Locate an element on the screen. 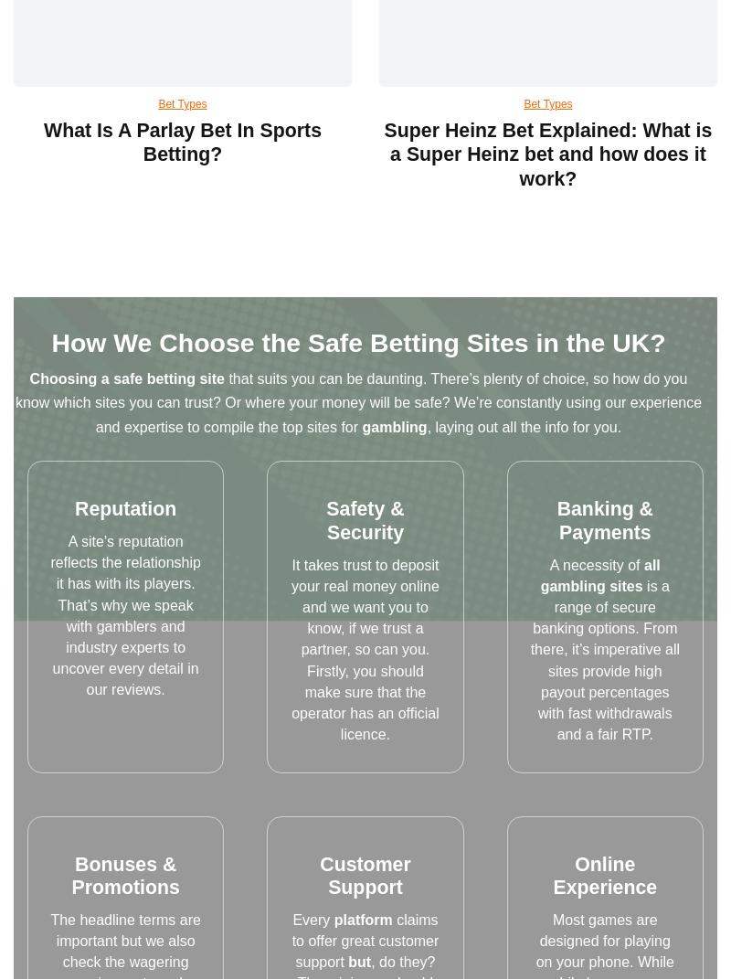  'What Is A Parlay Bet In Sports Betting?' is located at coordinates (181, 141).